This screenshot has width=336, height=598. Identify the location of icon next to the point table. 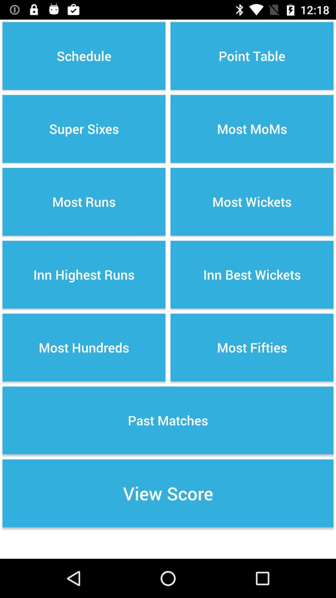
(84, 56).